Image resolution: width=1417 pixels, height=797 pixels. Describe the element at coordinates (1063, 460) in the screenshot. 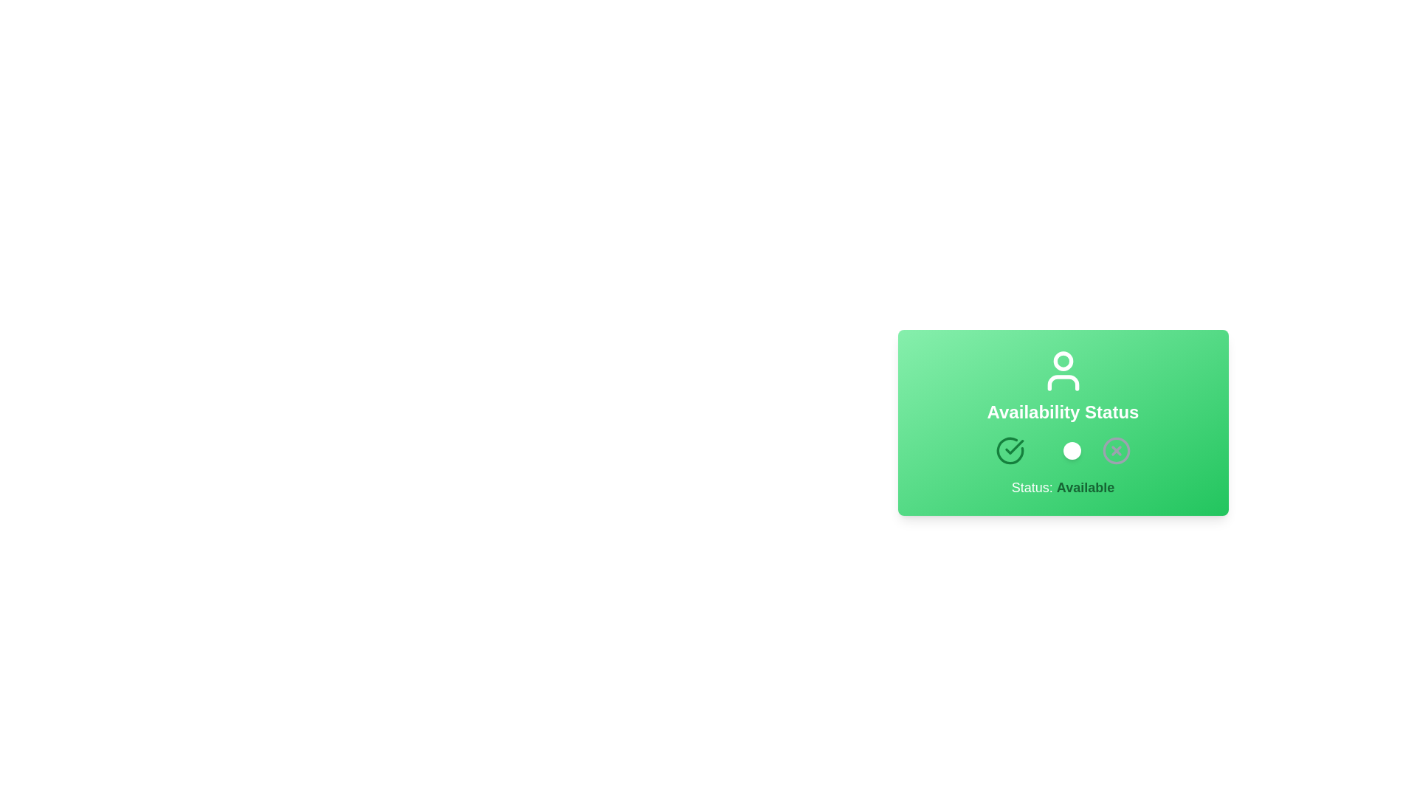

I see `the toggle switch within the status card` at that location.